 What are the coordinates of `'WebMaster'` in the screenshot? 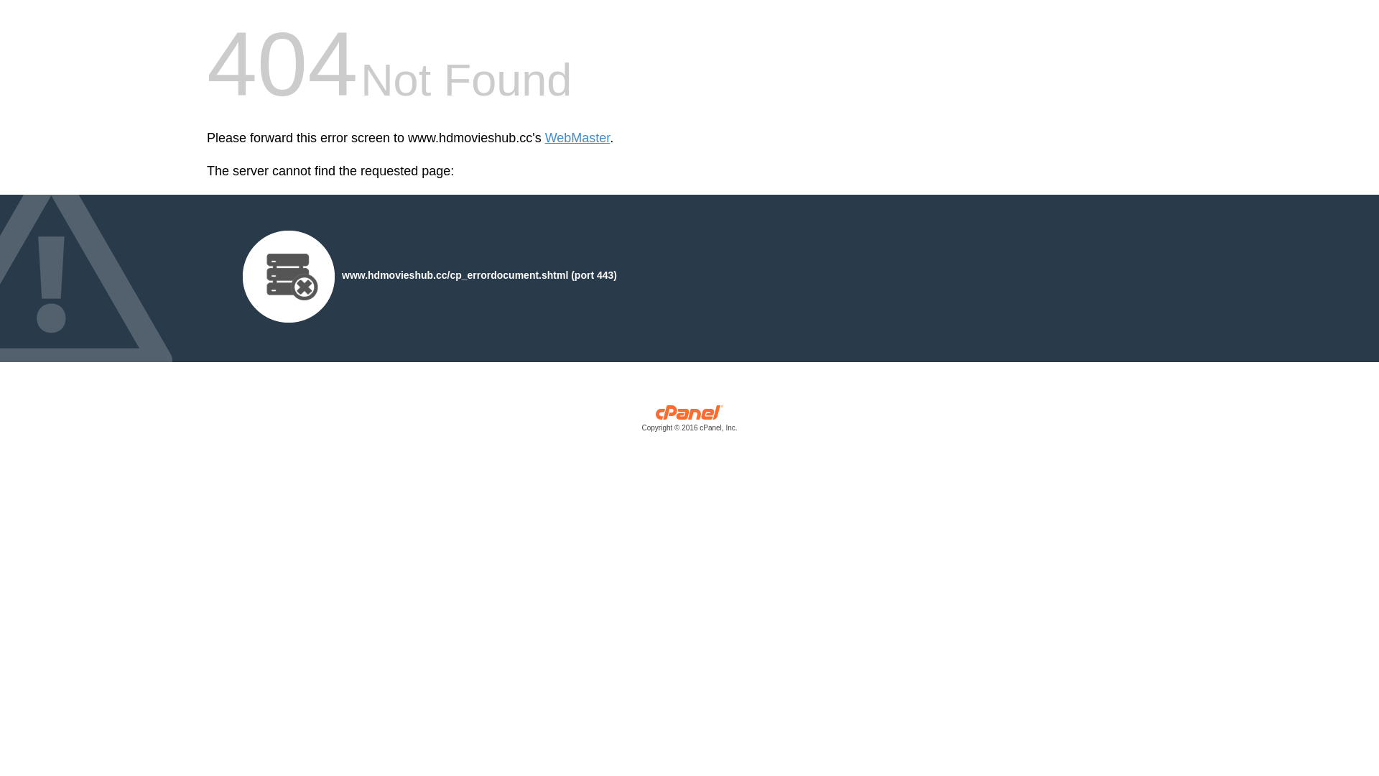 It's located at (577, 138).